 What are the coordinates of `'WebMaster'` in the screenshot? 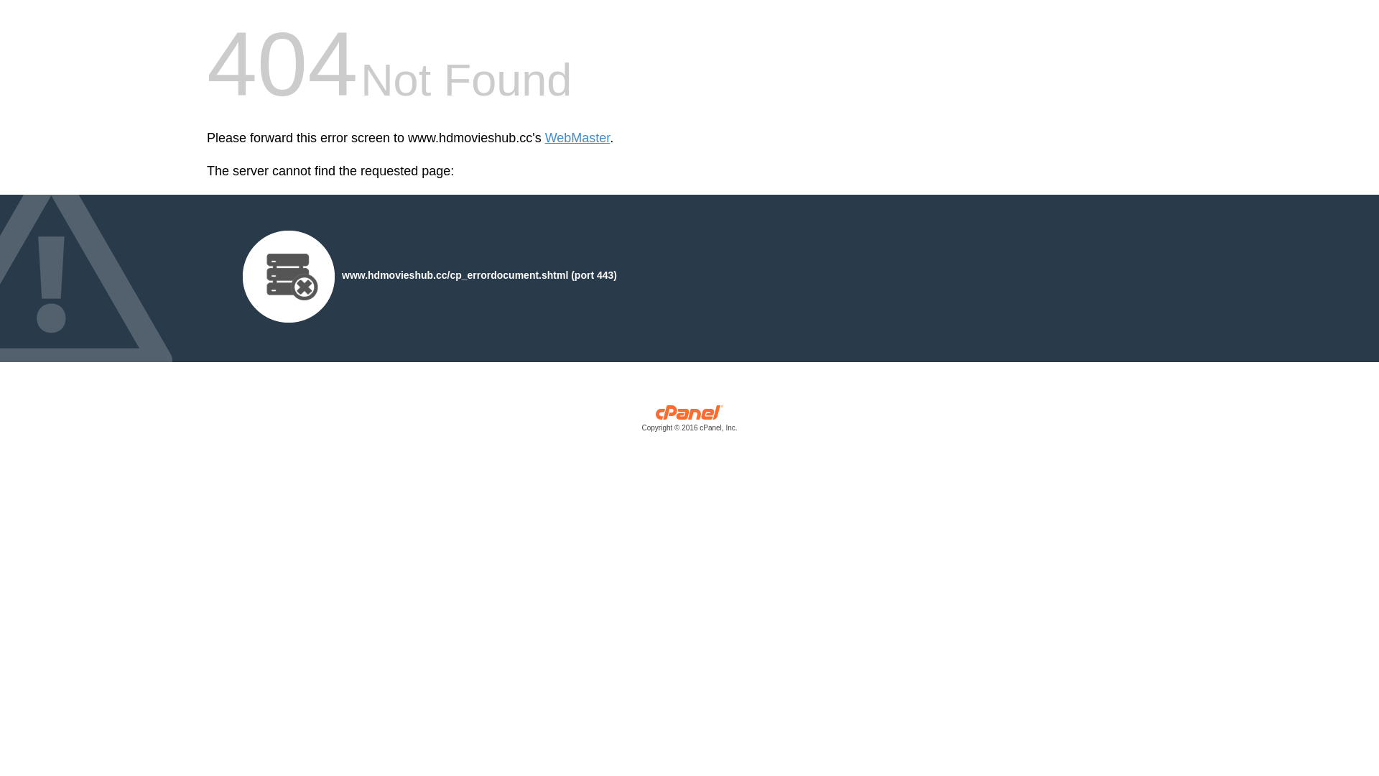 It's located at (577, 138).